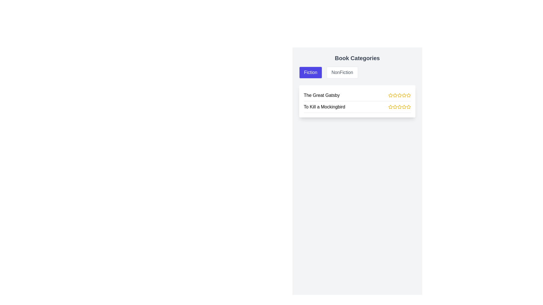  What do you see at coordinates (310, 72) in the screenshot?
I see `the 'Fiction' category button located on the left side of the button group` at bounding box center [310, 72].